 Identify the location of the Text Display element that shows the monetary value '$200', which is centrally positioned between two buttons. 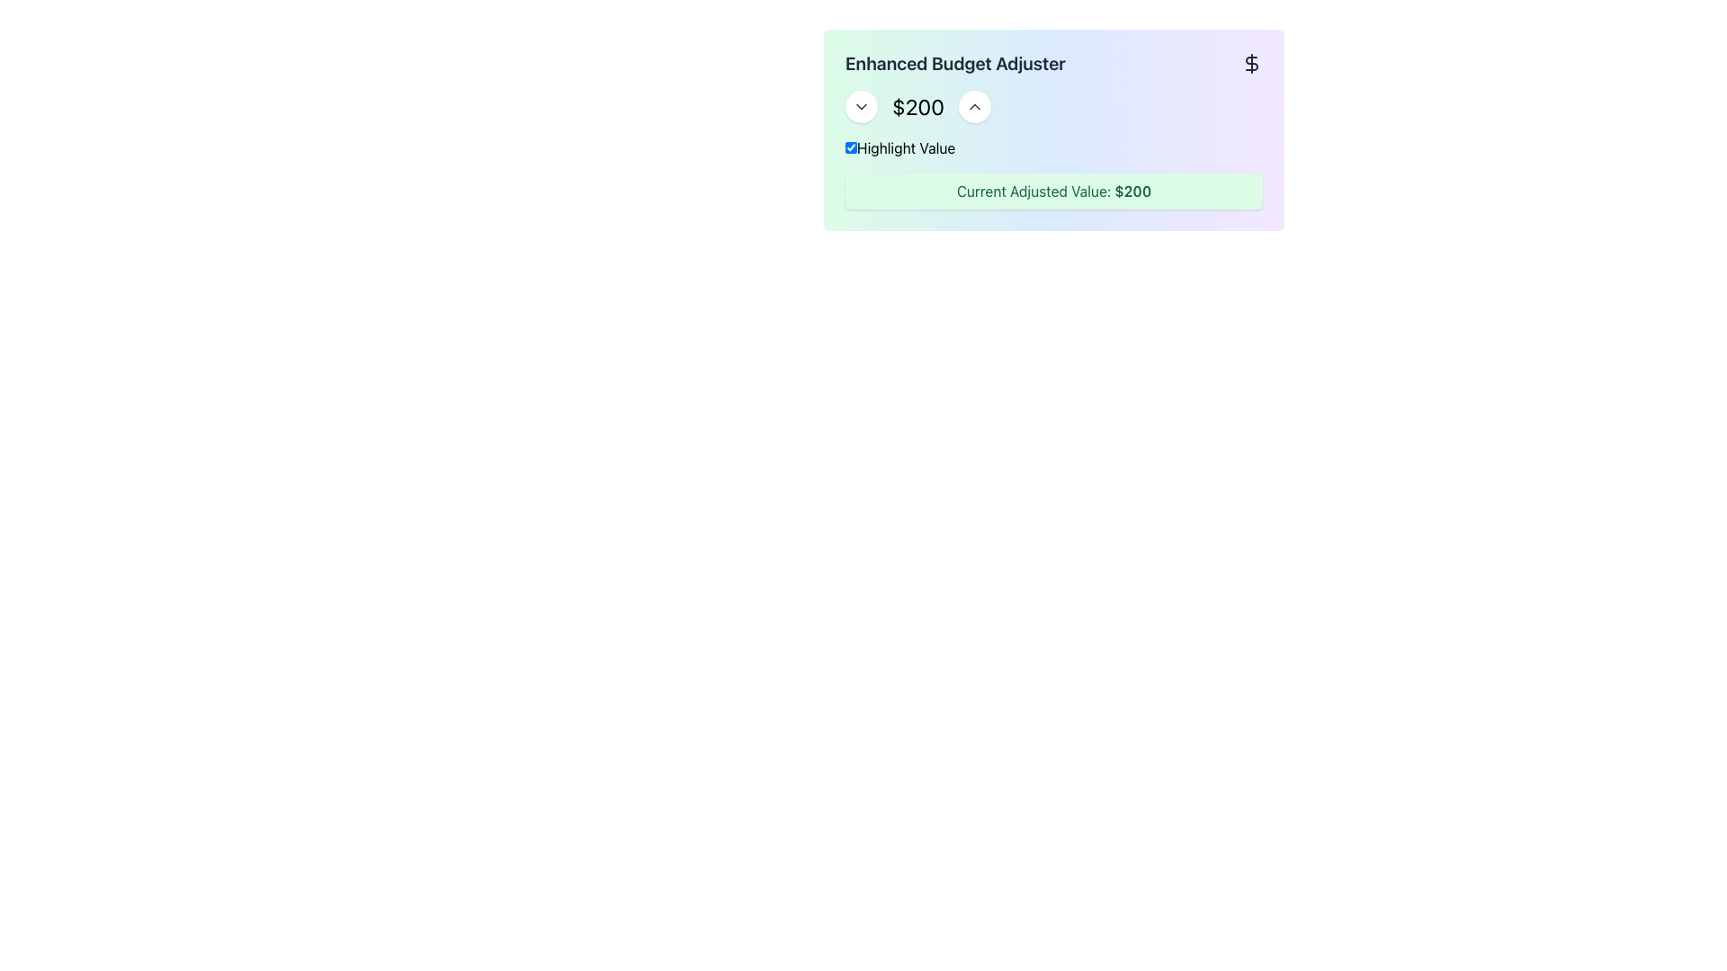
(918, 107).